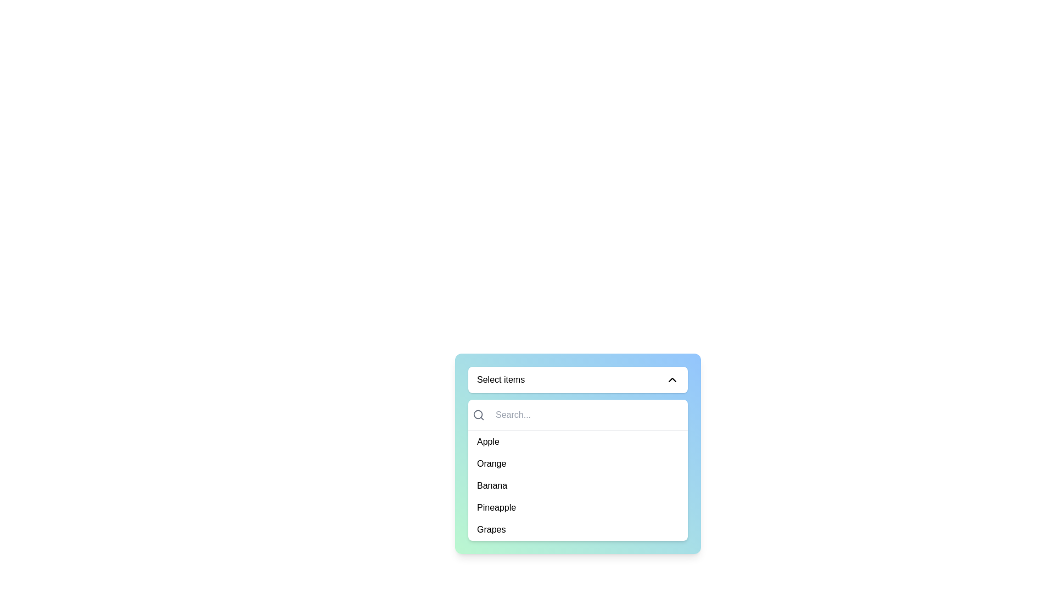 The width and height of the screenshot is (1054, 593). I want to click on the third entry in the dropdown list that represents 'Banana' to activate the hover effect, so click(577, 485).